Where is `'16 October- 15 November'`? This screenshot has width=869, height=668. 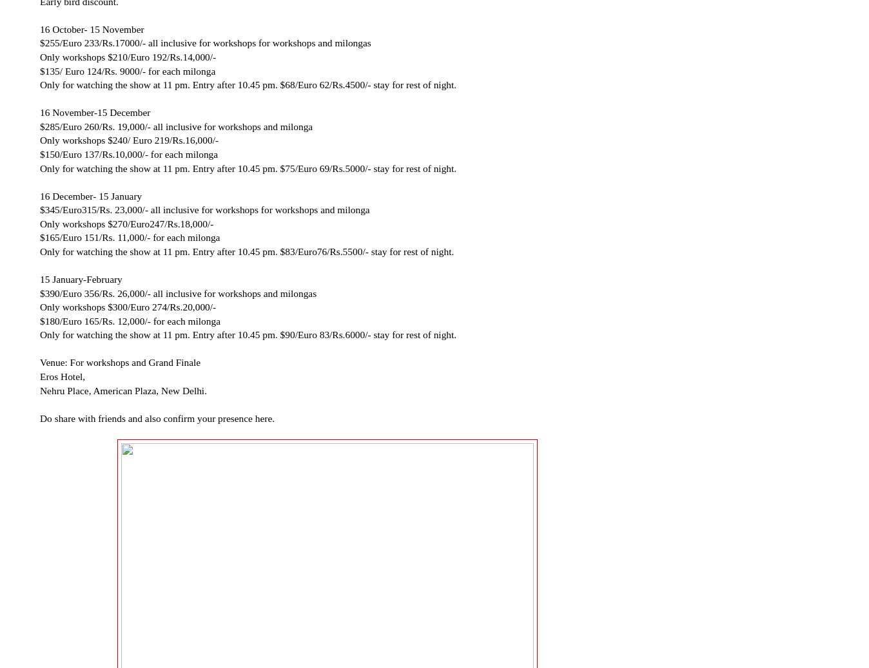 '16 October- 15 November' is located at coordinates (39, 28).